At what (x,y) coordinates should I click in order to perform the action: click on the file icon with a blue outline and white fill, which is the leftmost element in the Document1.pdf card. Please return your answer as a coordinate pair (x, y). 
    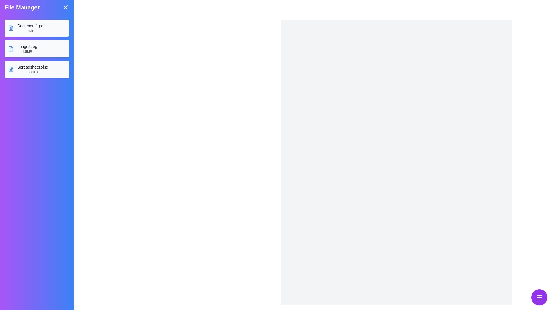
    Looking at the image, I should click on (11, 28).